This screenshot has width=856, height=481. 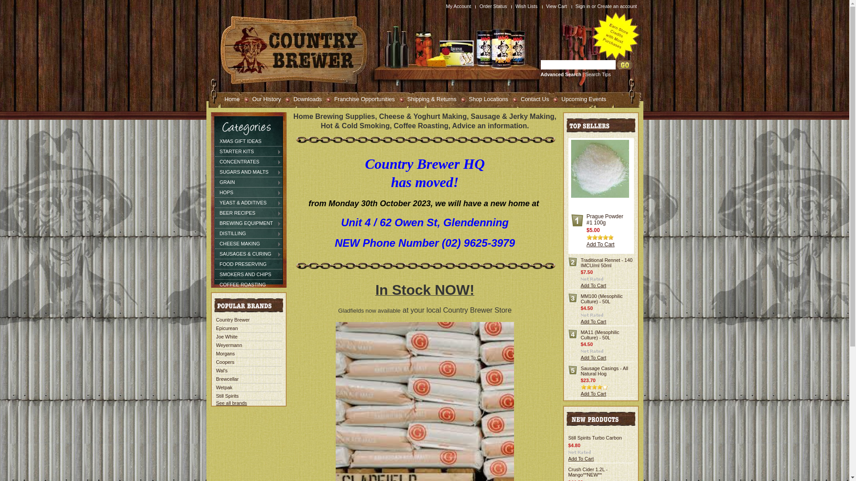 What do you see at coordinates (459, 6) in the screenshot?
I see `'My Account'` at bounding box center [459, 6].